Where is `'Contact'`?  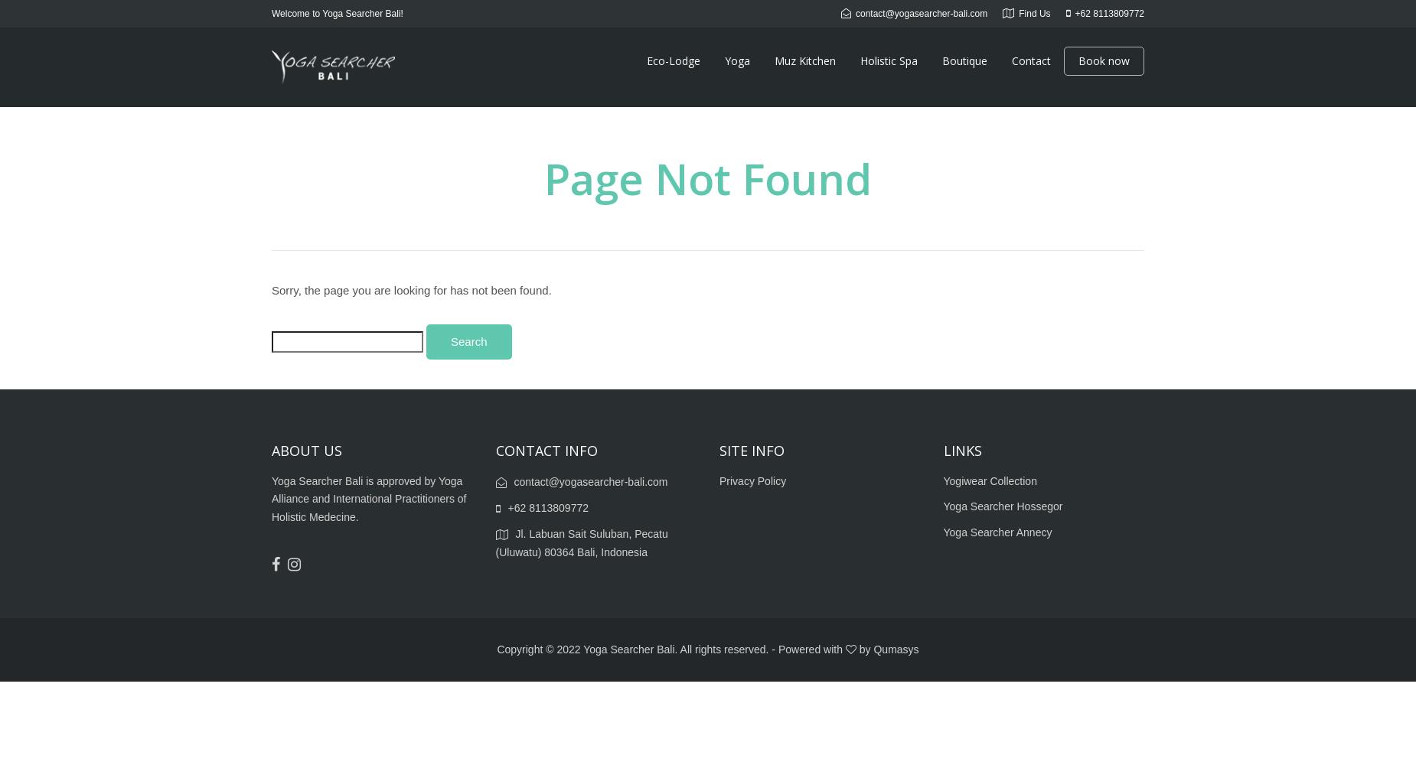 'Contact' is located at coordinates (1030, 60).